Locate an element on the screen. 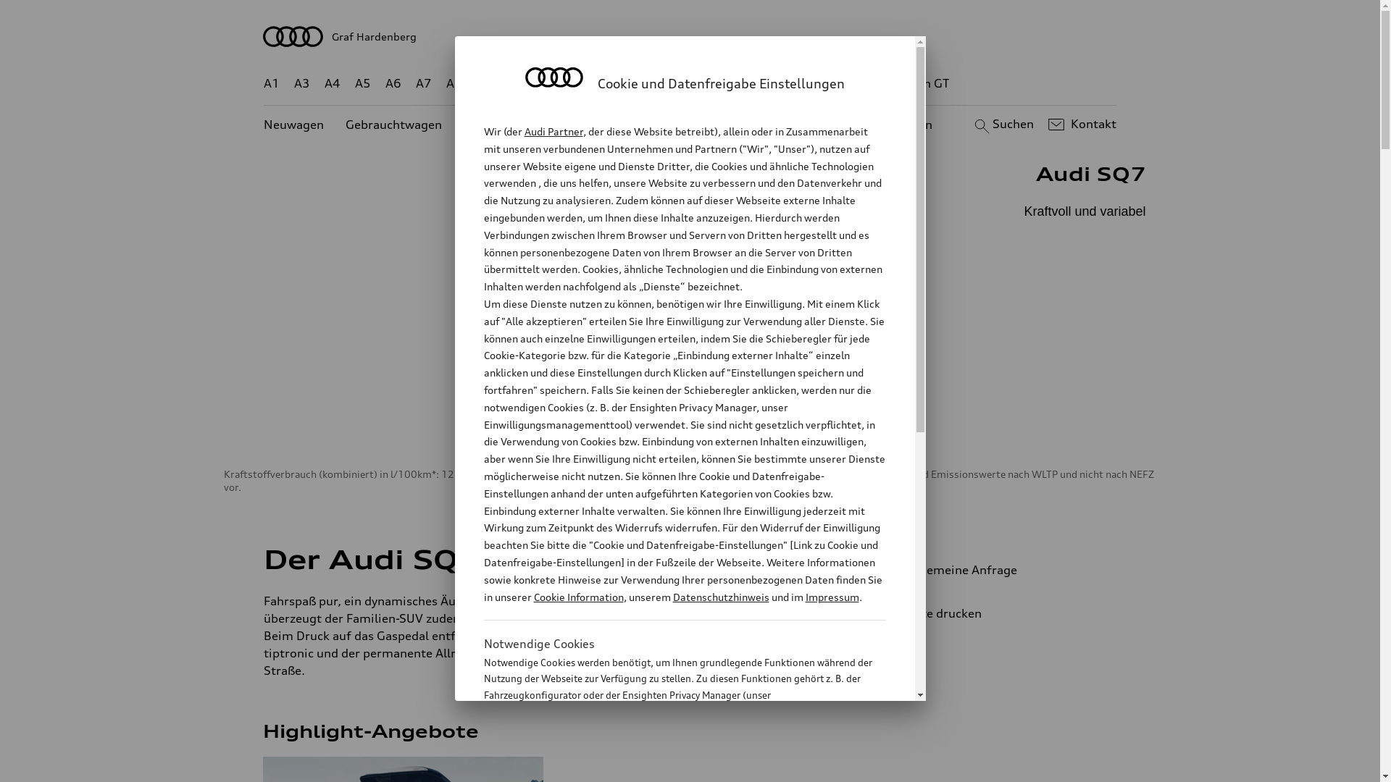 The height and width of the screenshot is (782, 1391). 'RS' is located at coordinates (822, 83).